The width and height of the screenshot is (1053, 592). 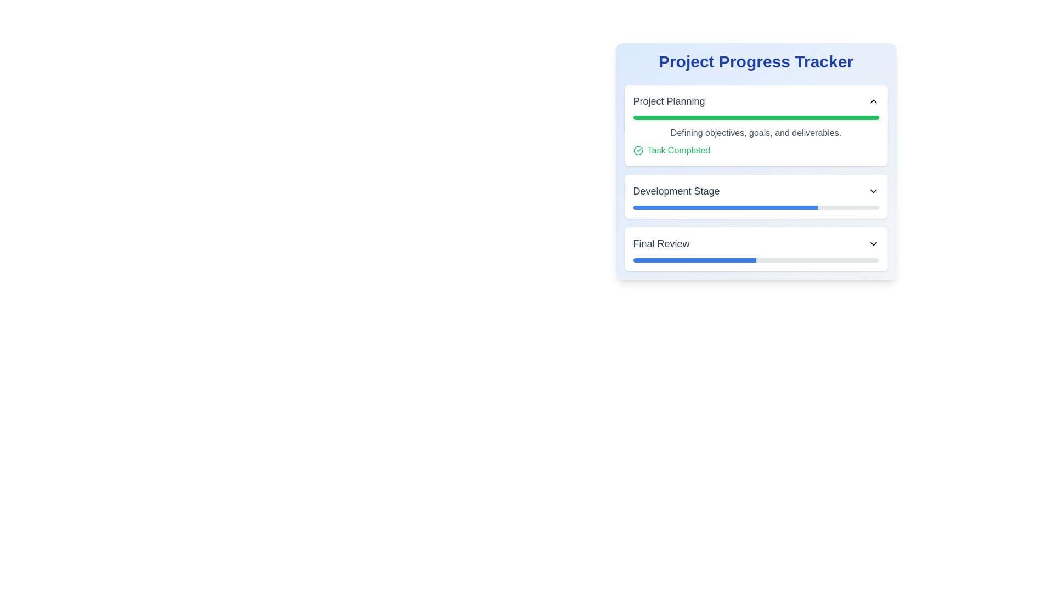 I want to click on the Text Label indicating successful task completion, which displays 'Task Completed' within the 'Project Progress Tracker' card, so click(x=678, y=150).